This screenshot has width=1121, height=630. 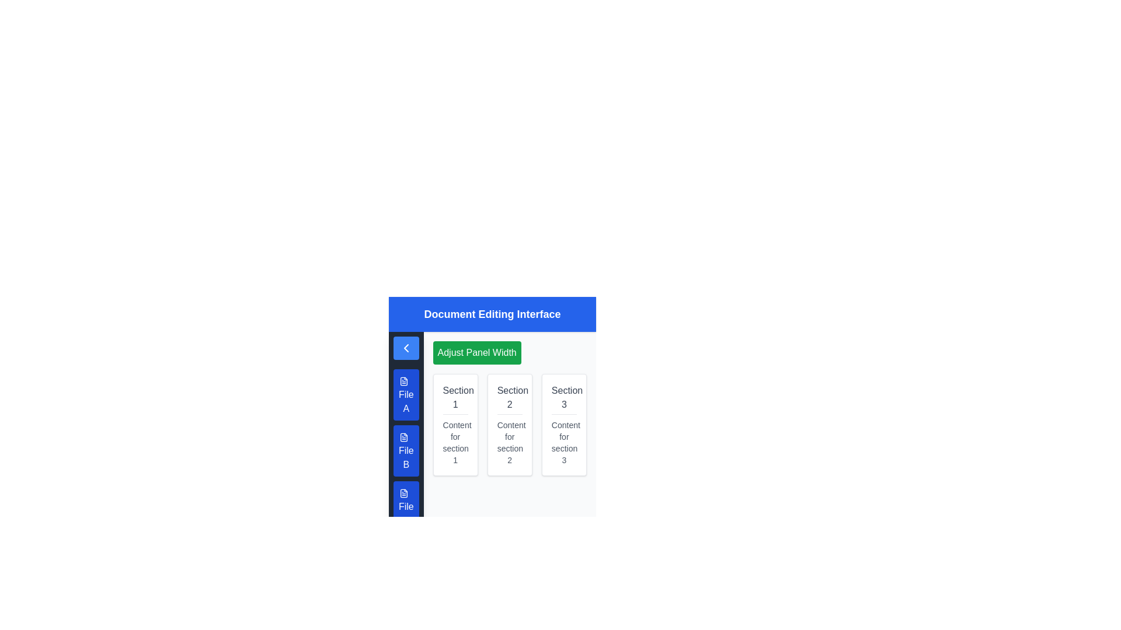 What do you see at coordinates (403, 437) in the screenshot?
I see `SVG icon that represents a document with a folded corner, located to the left of the text label in the 'File B' button in the vertical navigation bar` at bounding box center [403, 437].